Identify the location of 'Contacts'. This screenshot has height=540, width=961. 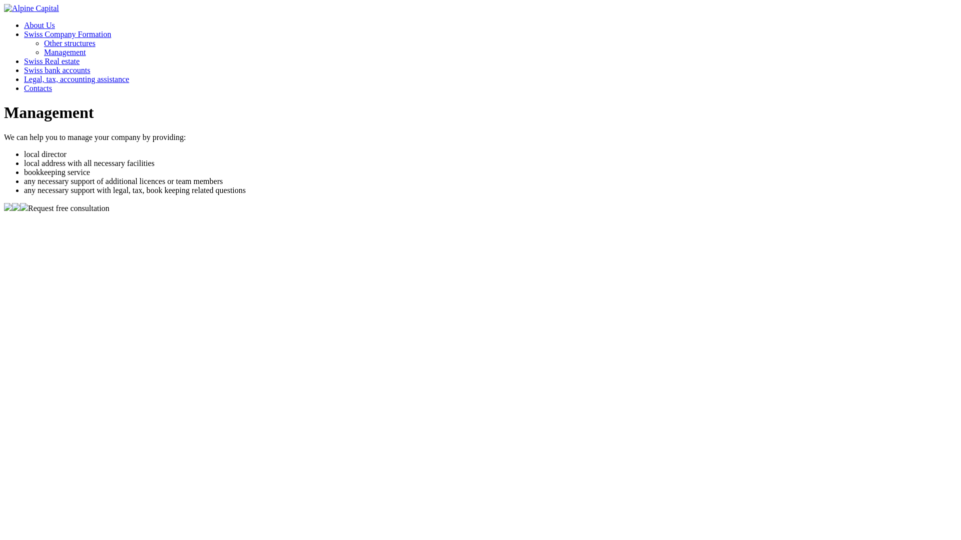
(38, 87).